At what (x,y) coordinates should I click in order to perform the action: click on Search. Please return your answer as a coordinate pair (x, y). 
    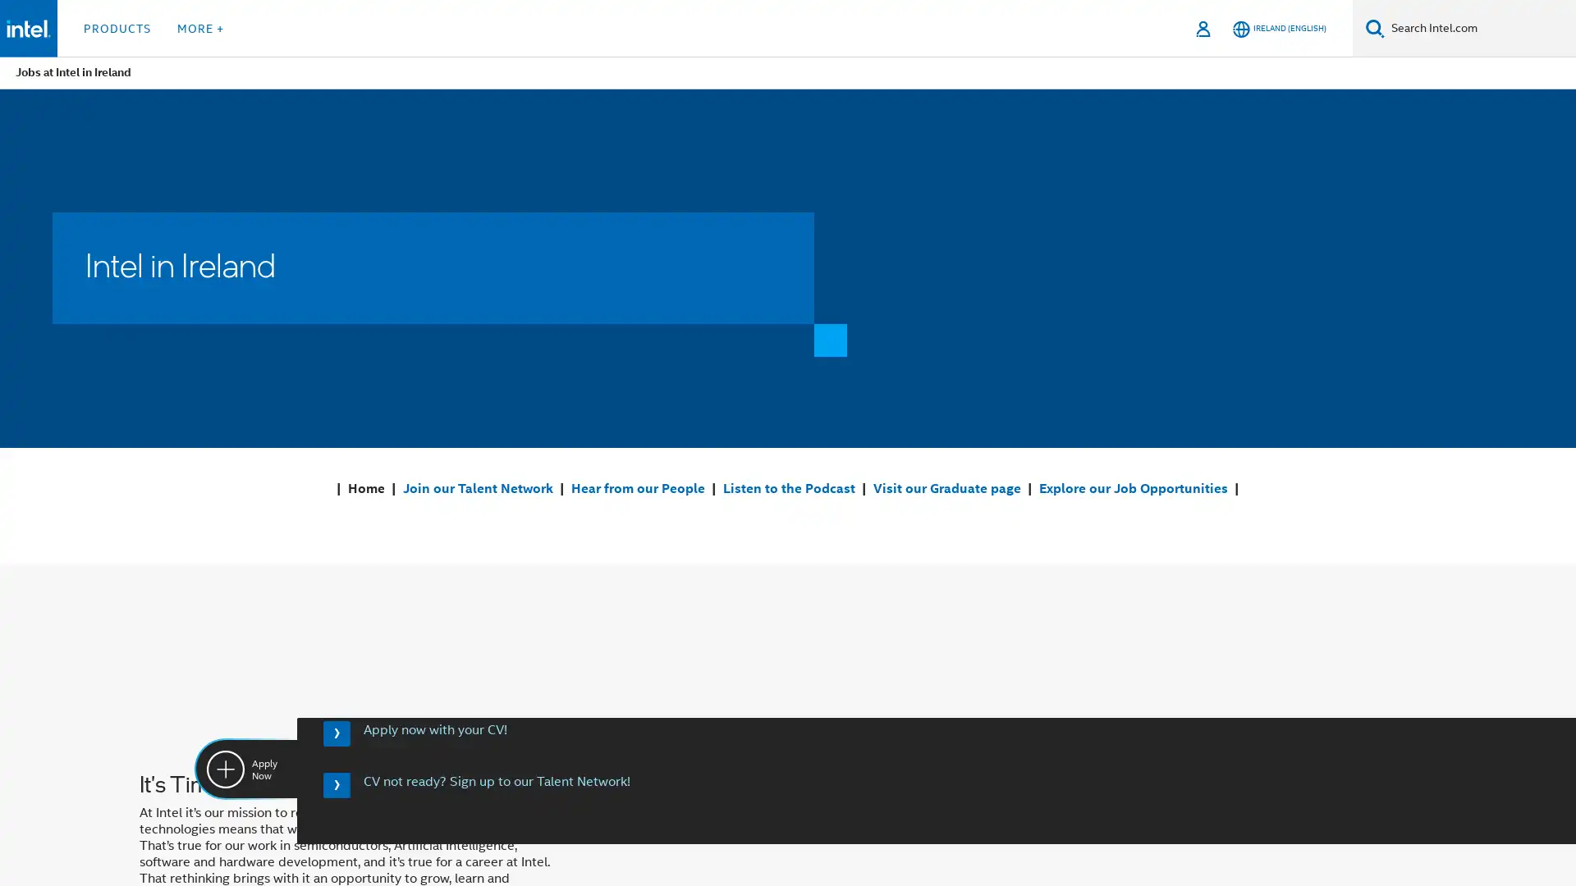
    Looking at the image, I should click on (1375, 28).